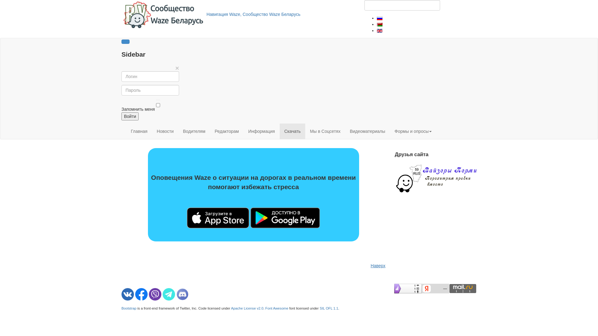 The width and height of the screenshot is (598, 336). I want to click on 'English (United Kingdom)', so click(379, 31).